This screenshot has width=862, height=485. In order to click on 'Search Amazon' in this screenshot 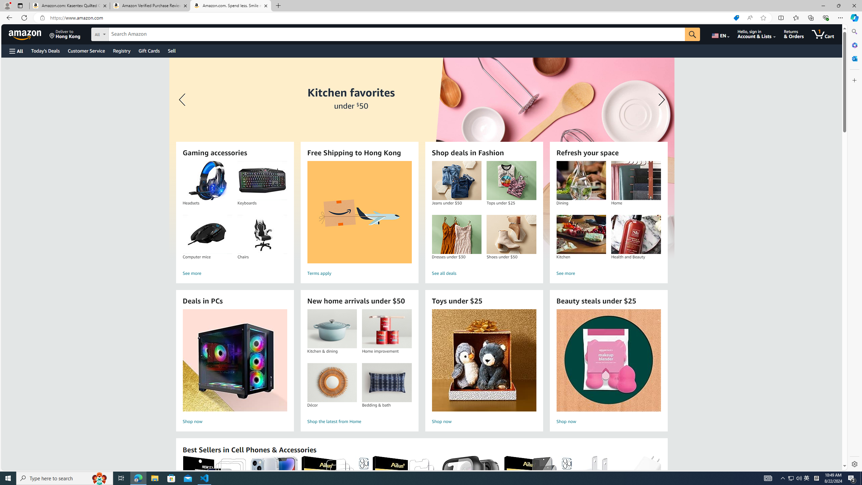, I will do `click(397, 34)`.